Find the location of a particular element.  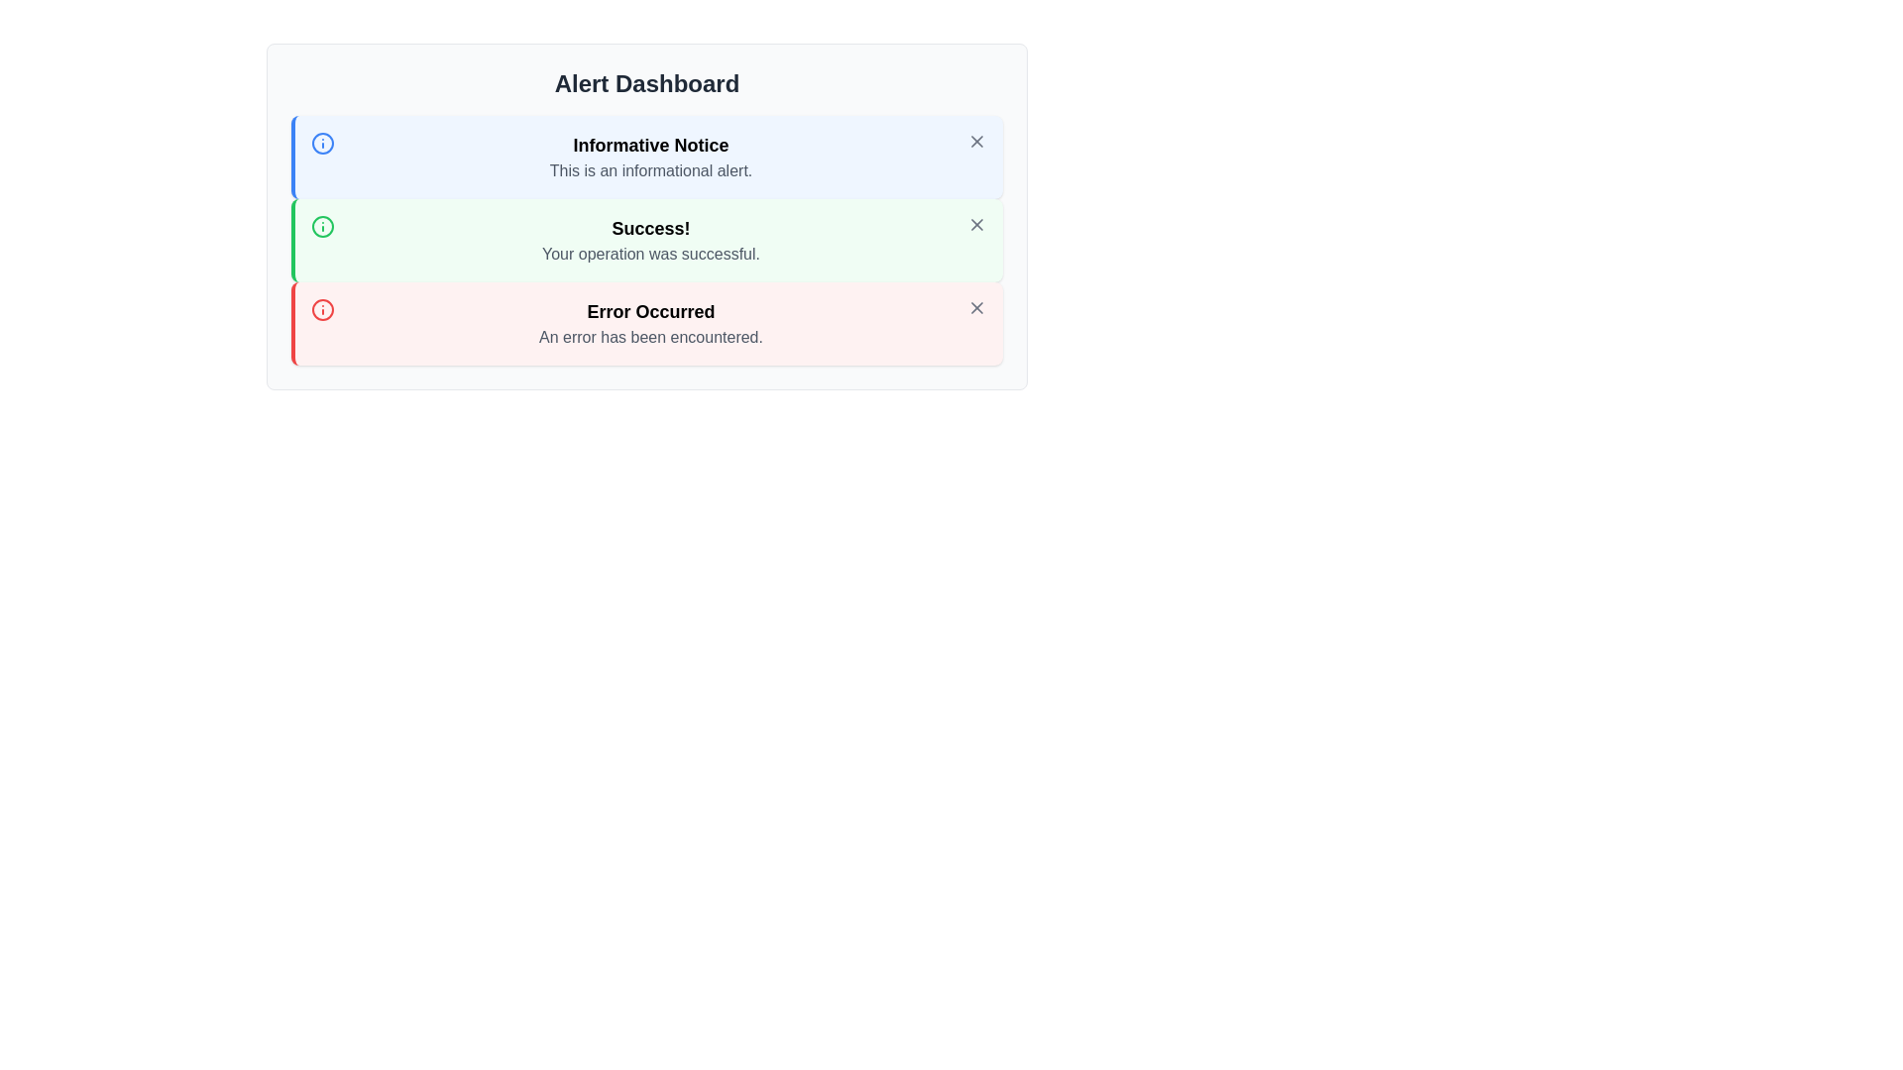

the diagonal cross mark in the SVG close icon located in the center-right portion of the alert box that contains the text 'Success! Your operation was successful.' is located at coordinates (976, 224).